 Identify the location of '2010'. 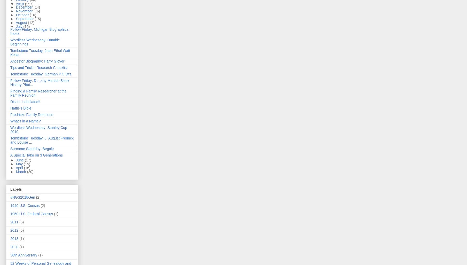
(20, 4).